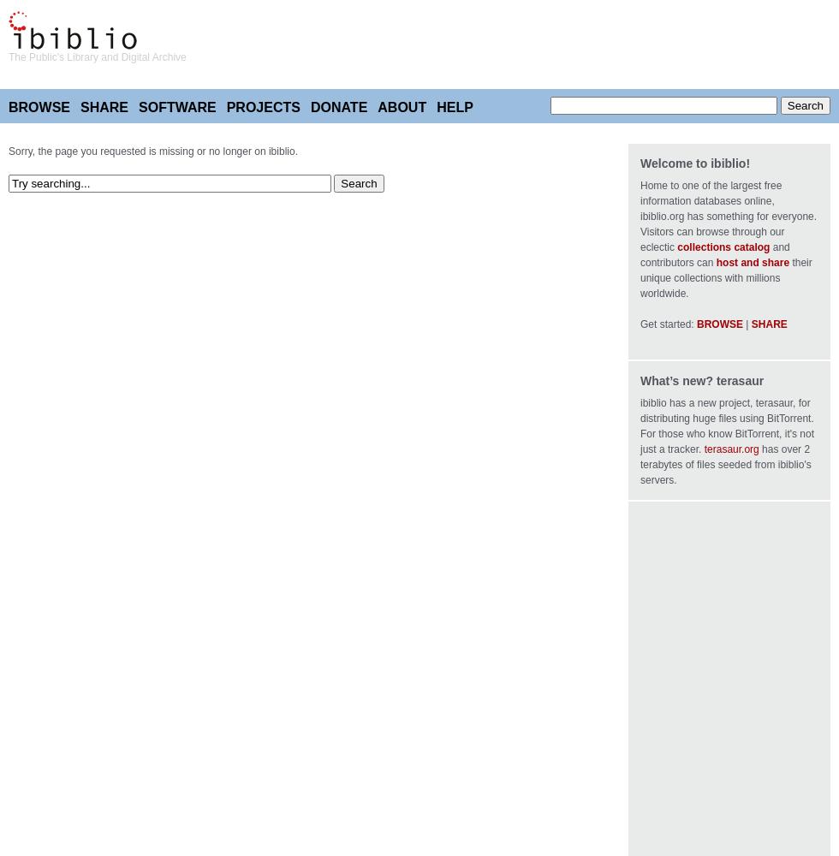 The width and height of the screenshot is (839, 856). I want to click on 'has over 2 terabytes of files seeded from ibiblio's servers.', so click(725, 465).